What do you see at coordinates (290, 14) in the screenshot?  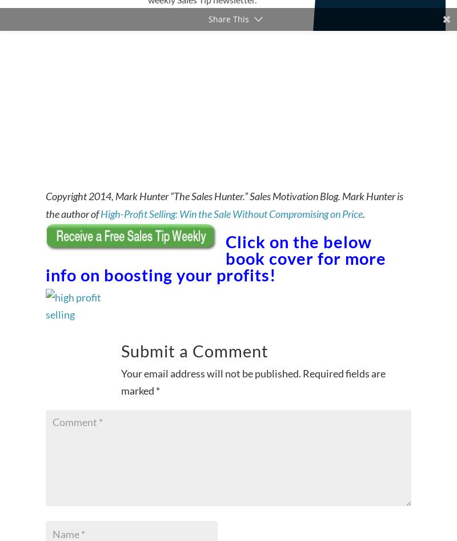 I see `'Read More'` at bounding box center [290, 14].